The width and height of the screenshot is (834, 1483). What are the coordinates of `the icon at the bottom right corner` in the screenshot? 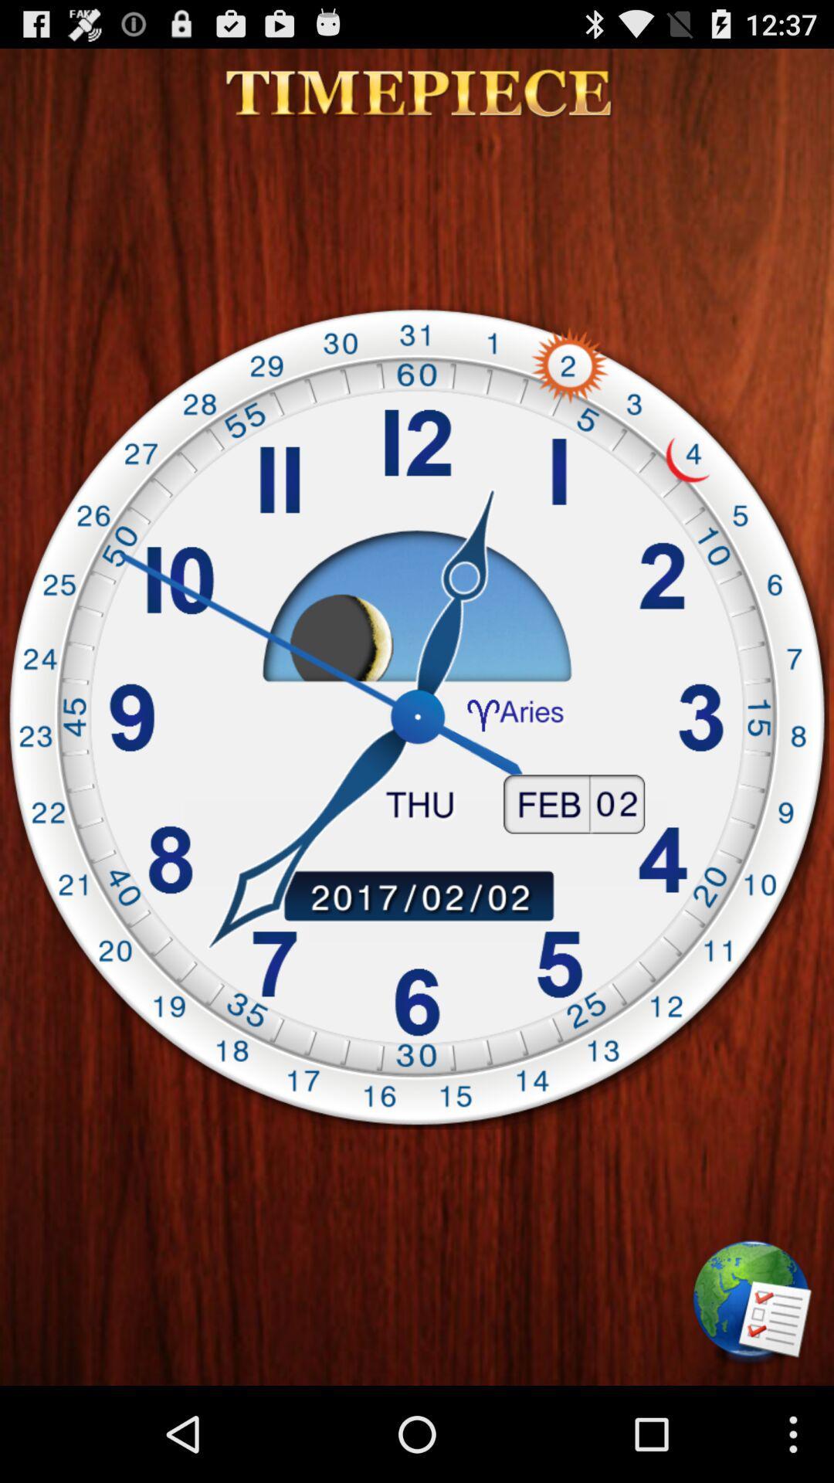 It's located at (752, 1304).